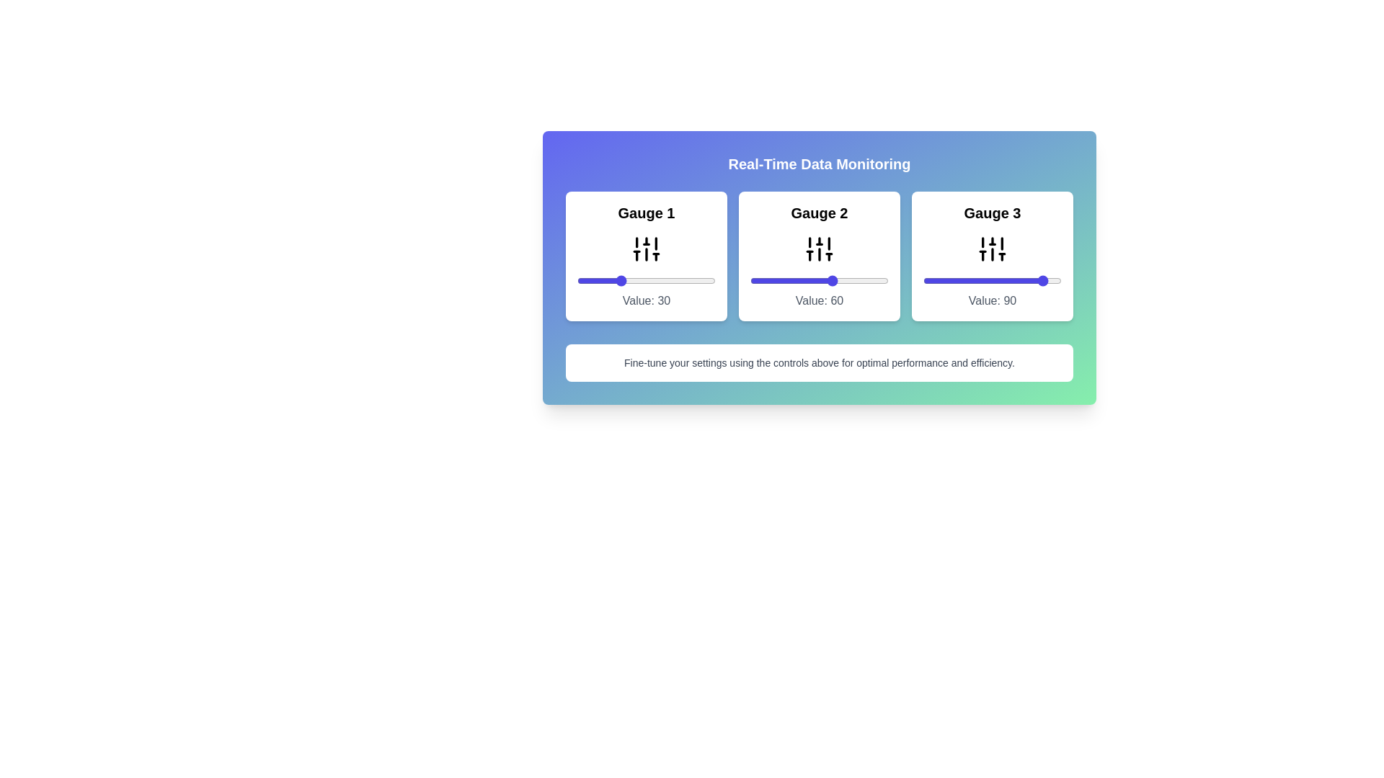  Describe the element at coordinates (992, 255) in the screenshot. I see `the slider in the third card on the right side of the row` at that location.